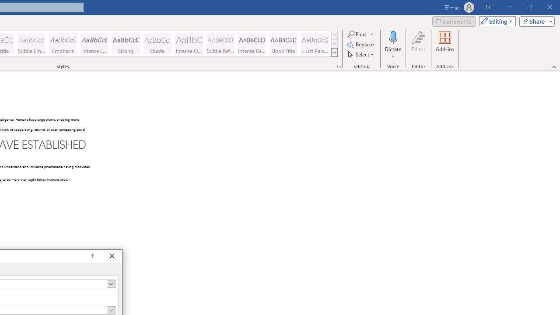  I want to click on 'Row up', so click(334, 35).